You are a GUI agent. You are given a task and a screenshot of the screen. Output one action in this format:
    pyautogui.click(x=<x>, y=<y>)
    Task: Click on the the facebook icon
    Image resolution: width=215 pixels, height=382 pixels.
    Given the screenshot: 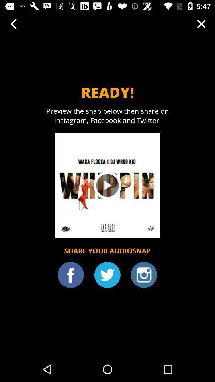 What is the action you would take?
    pyautogui.click(x=70, y=275)
    